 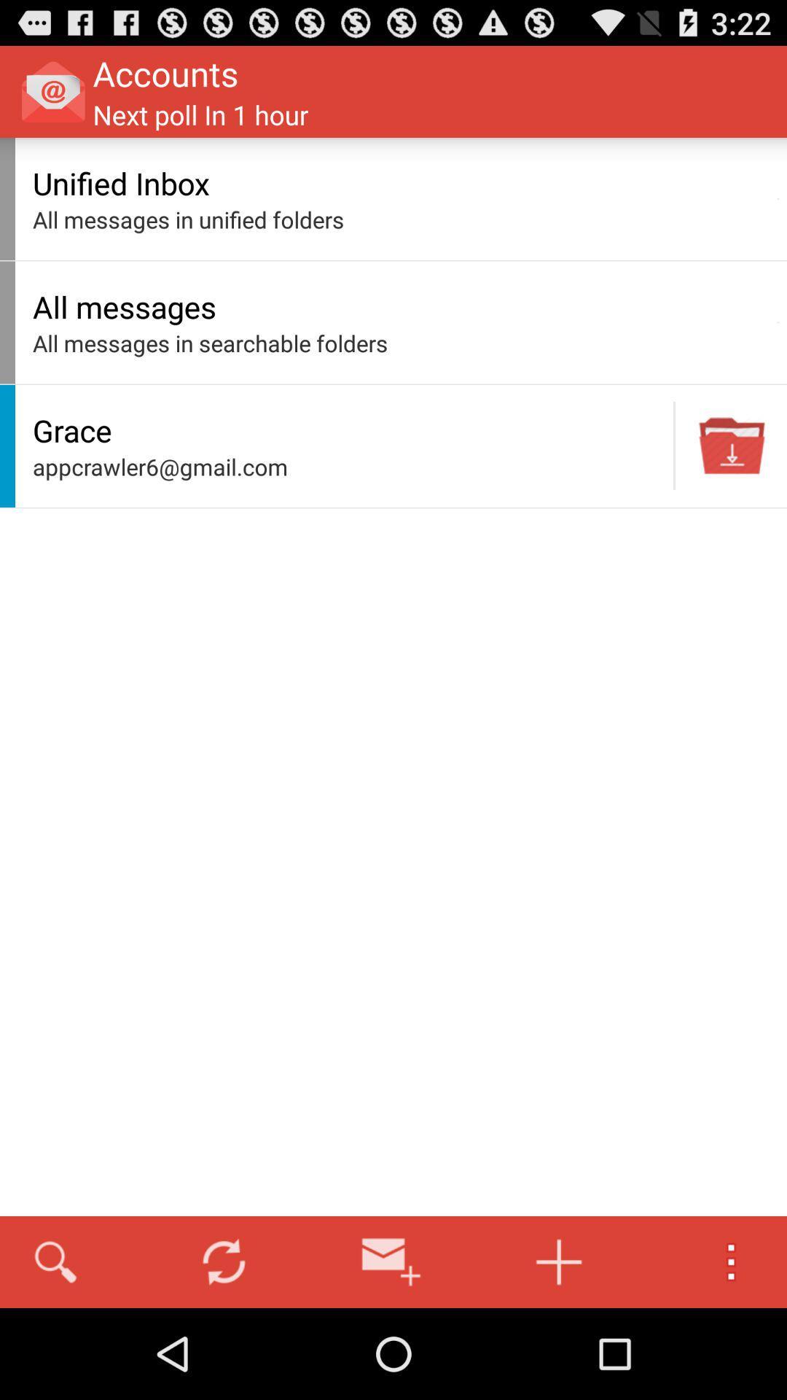 What do you see at coordinates (732, 445) in the screenshot?
I see `the download icon on the web page` at bounding box center [732, 445].